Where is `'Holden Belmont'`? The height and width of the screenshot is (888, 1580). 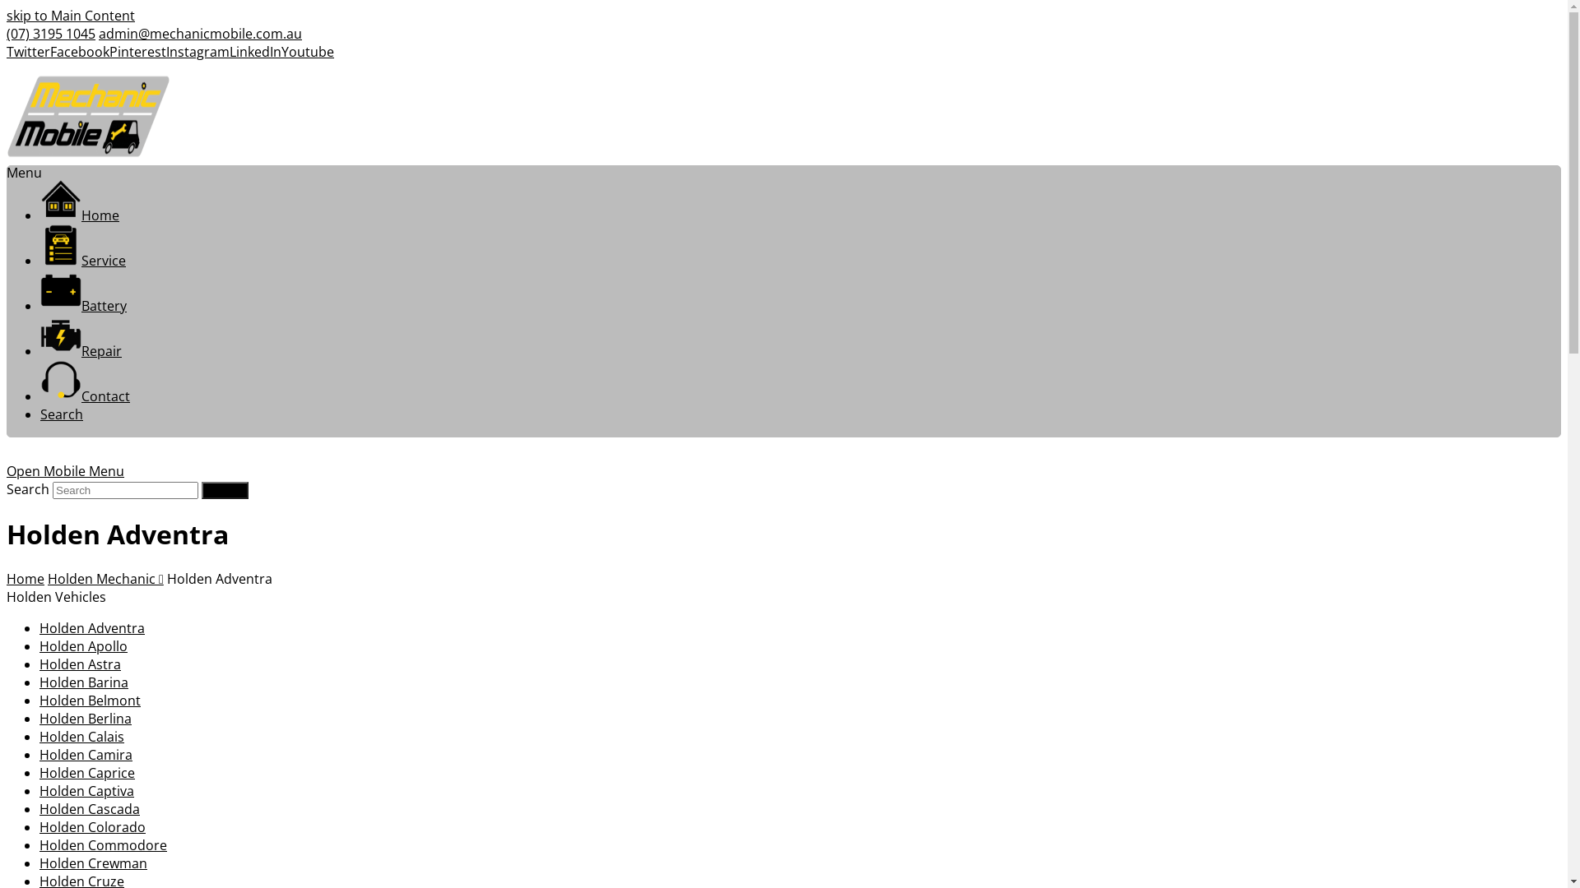
'Holden Belmont' is located at coordinates (89, 701).